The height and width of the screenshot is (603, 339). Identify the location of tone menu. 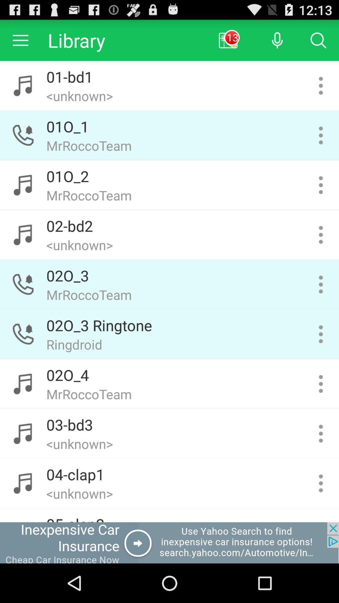
(321, 85).